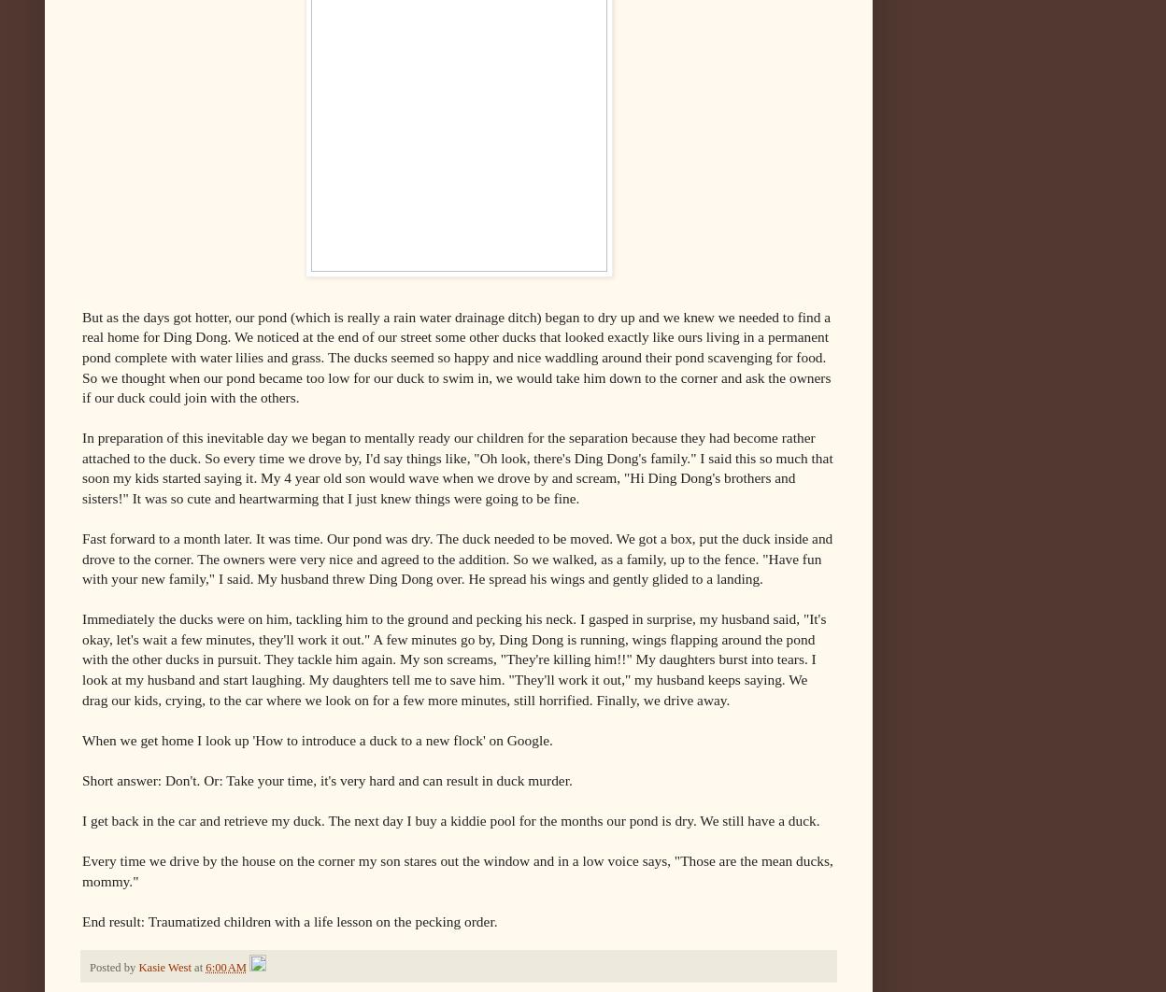 The image size is (1166, 992). I want to click on '6:00 AM', so click(225, 966).